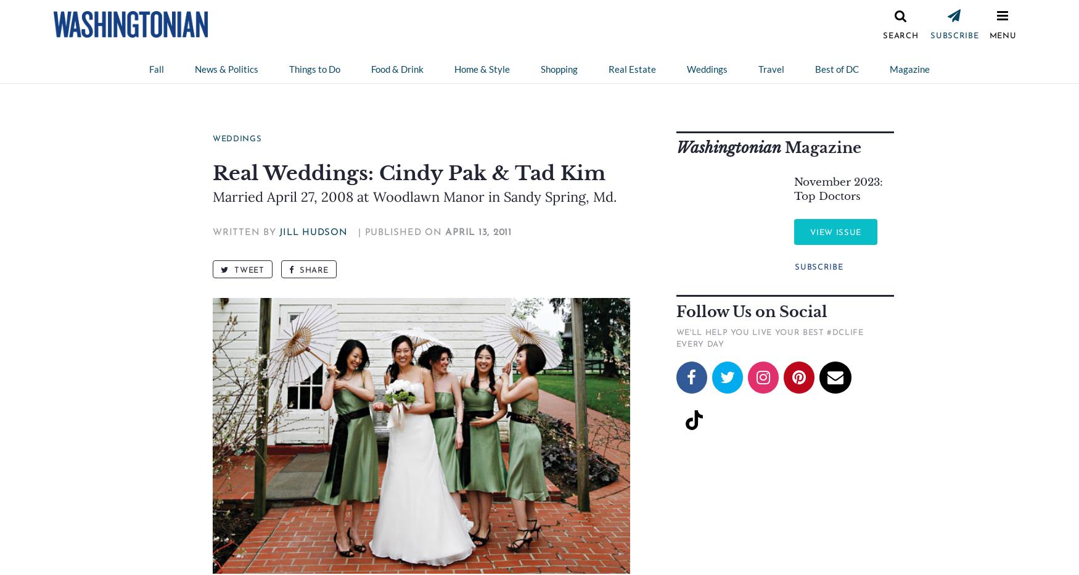 The image size is (1079, 575). I want to click on 'Real Weddings: Cindy Pak & Tad Kim', so click(408, 172).